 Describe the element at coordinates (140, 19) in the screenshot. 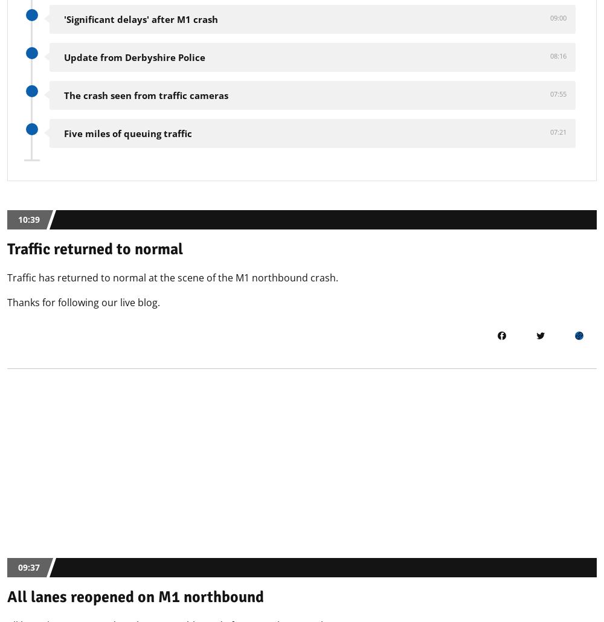

I see `''Significant delays' after M1 crash'` at that location.